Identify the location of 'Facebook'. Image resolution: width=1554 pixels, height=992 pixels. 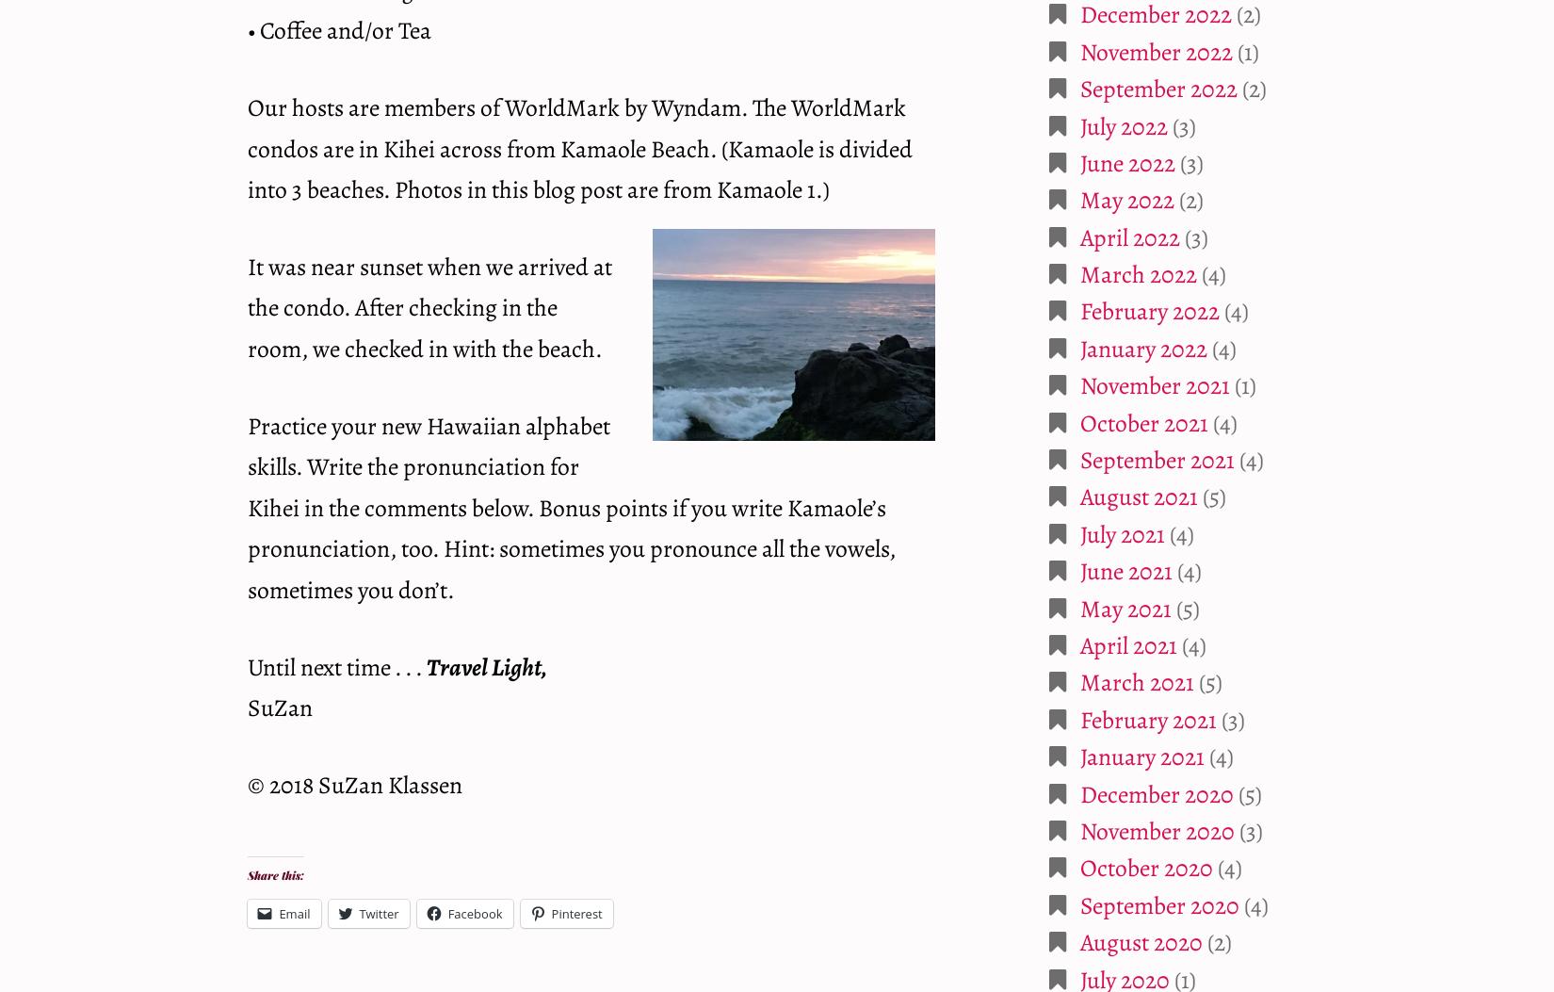
(474, 914).